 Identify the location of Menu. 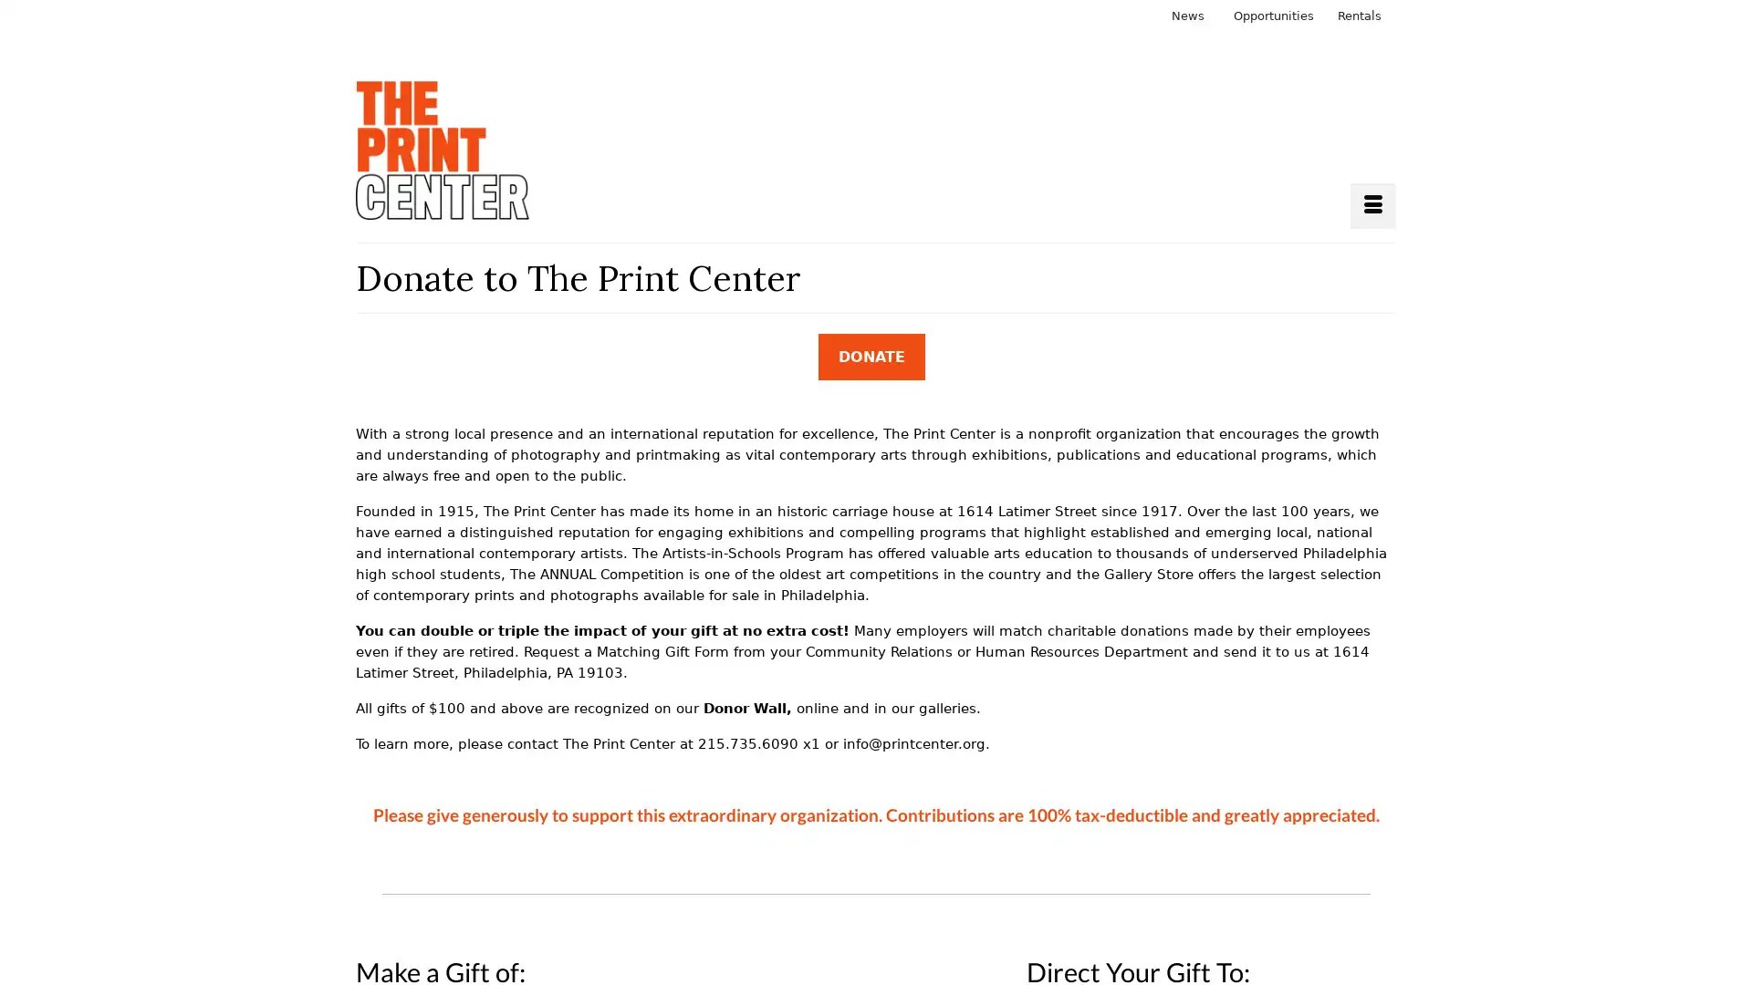
(1373, 205).